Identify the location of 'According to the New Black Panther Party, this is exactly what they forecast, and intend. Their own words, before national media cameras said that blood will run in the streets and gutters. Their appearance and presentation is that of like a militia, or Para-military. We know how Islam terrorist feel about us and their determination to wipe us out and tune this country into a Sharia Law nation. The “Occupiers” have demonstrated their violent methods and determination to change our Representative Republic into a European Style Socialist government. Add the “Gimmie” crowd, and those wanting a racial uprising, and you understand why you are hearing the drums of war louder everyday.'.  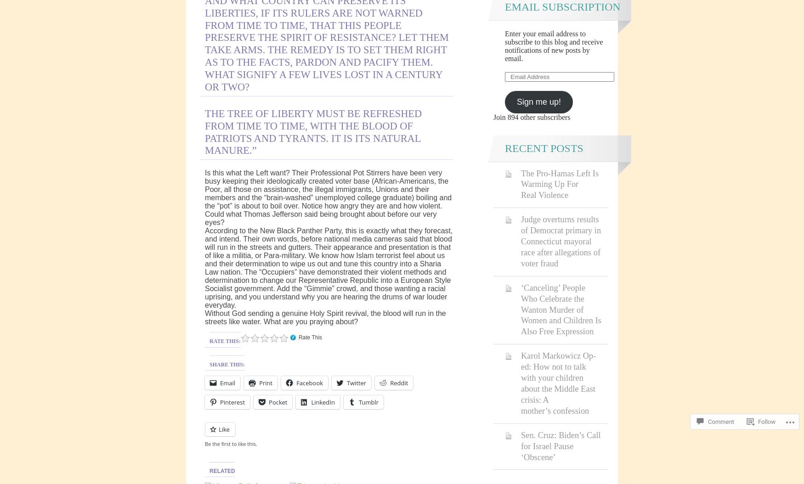
(205, 267).